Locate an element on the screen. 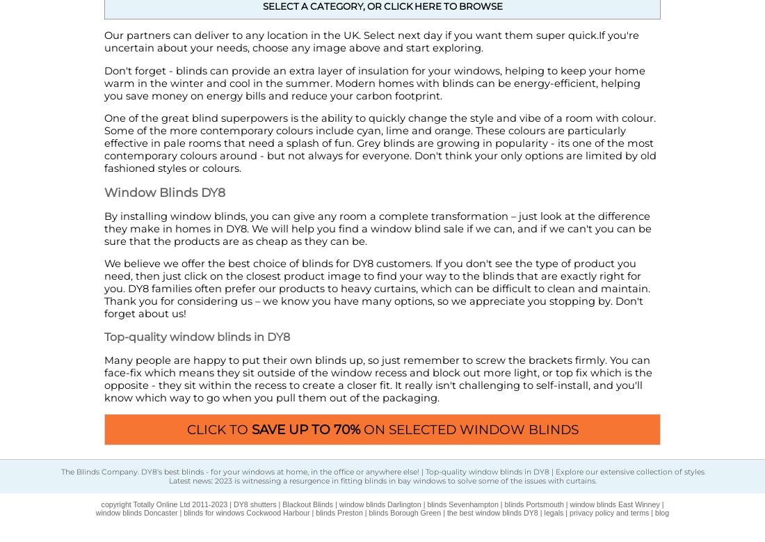 Image resolution: width=765 pixels, height=542 pixels. 'Blackout Blinds' is located at coordinates (307, 504).